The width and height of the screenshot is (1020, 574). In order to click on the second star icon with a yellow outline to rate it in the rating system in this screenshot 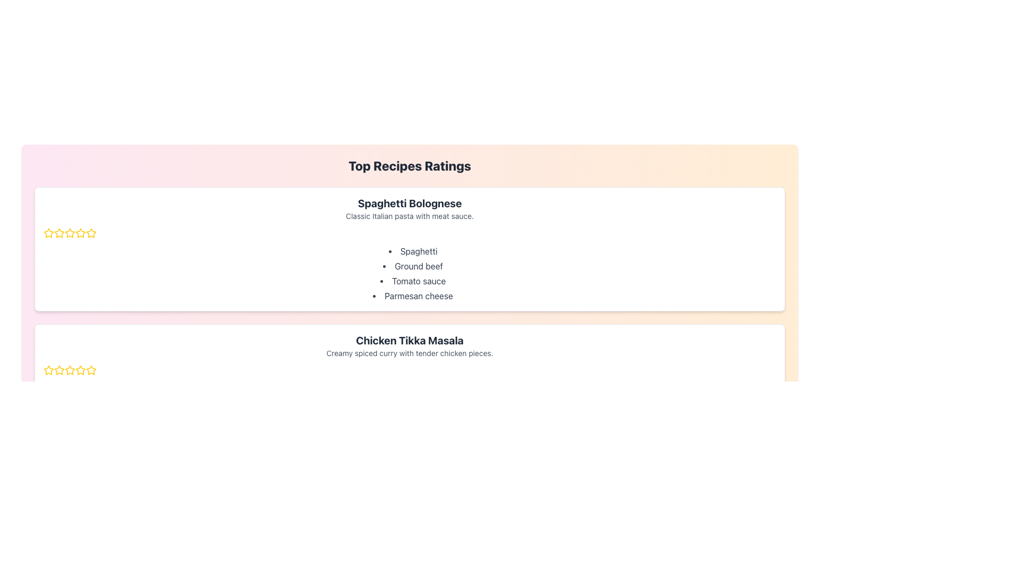, I will do `click(91, 232)`.